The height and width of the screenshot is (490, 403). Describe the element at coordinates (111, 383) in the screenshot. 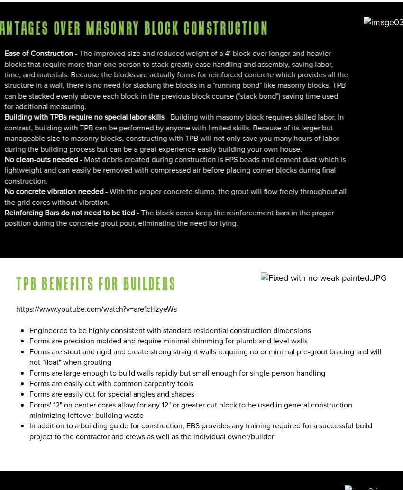

I see `'Forms are easily cut with common carpentry tools'` at that location.